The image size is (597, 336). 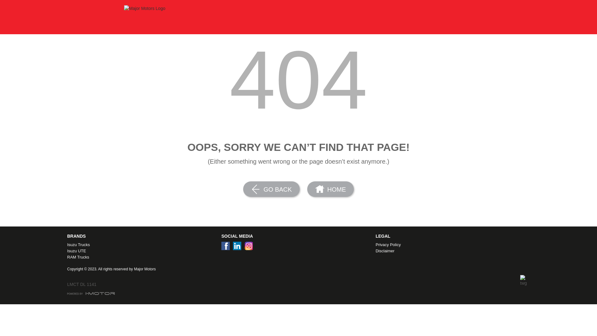 I want to click on 'RAM Trucks', so click(x=67, y=257).